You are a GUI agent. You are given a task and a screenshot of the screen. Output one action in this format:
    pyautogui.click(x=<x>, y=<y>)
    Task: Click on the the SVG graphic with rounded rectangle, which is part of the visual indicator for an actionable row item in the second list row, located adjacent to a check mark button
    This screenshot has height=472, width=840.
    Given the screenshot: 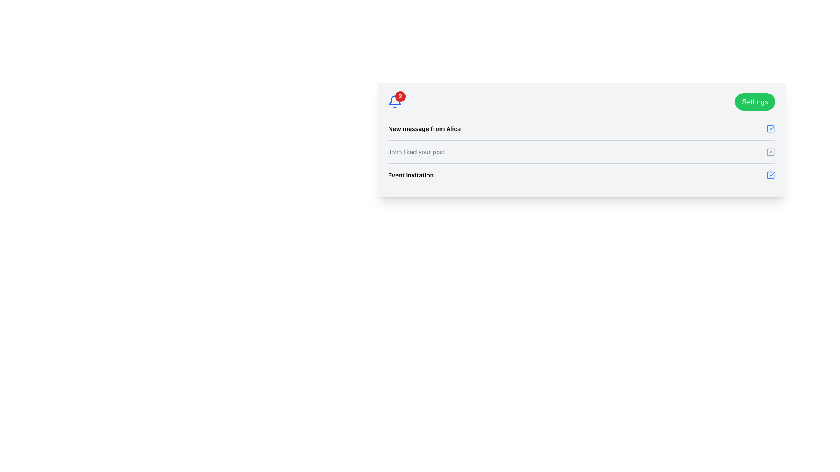 What is the action you would take?
    pyautogui.click(x=770, y=151)
    